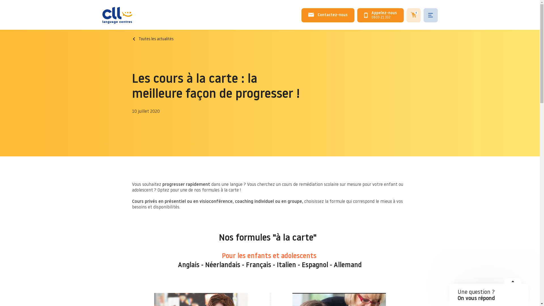  What do you see at coordinates (406, 15) in the screenshot?
I see `'0'` at bounding box center [406, 15].